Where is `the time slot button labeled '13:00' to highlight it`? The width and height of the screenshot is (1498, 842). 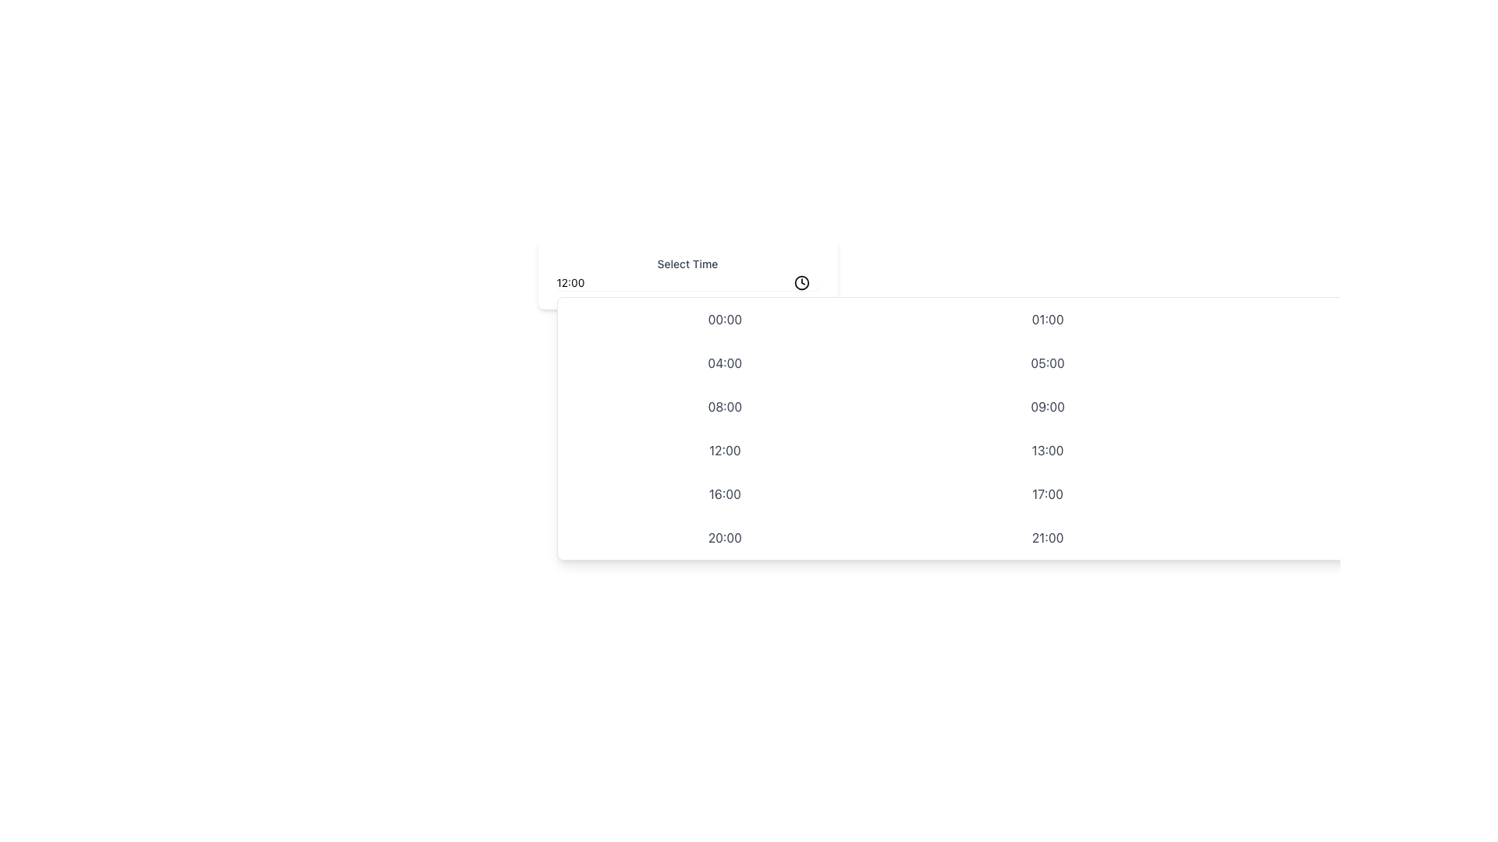
the time slot button labeled '13:00' to highlight it is located at coordinates (1048, 451).